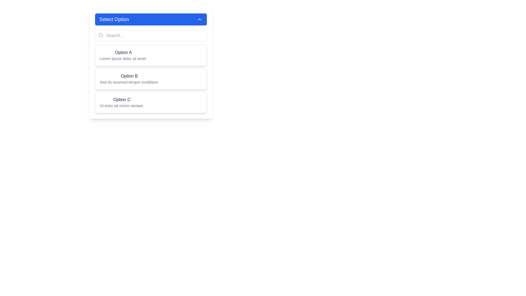  Describe the element at coordinates (101, 35) in the screenshot. I see `the outlined circular SVG element located at the top-left corner of the search bar` at that location.